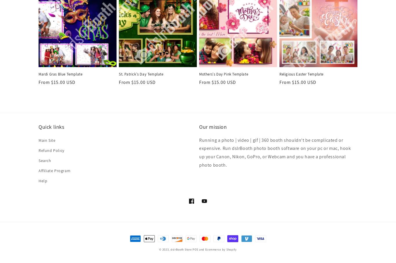  Describe the element at coordinates (141, 74) in the screenshot. I see `'St. Patrick's Day Template'` at that location.